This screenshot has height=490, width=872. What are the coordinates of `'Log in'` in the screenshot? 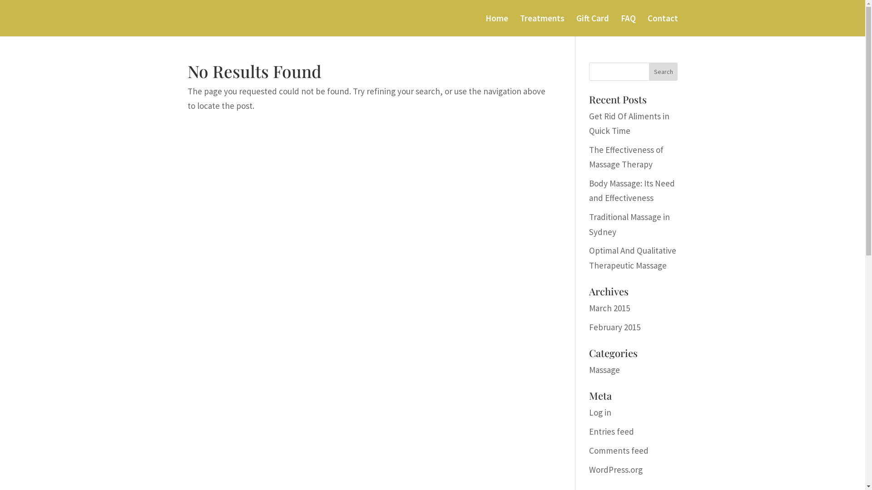 It's located at (600, 412).